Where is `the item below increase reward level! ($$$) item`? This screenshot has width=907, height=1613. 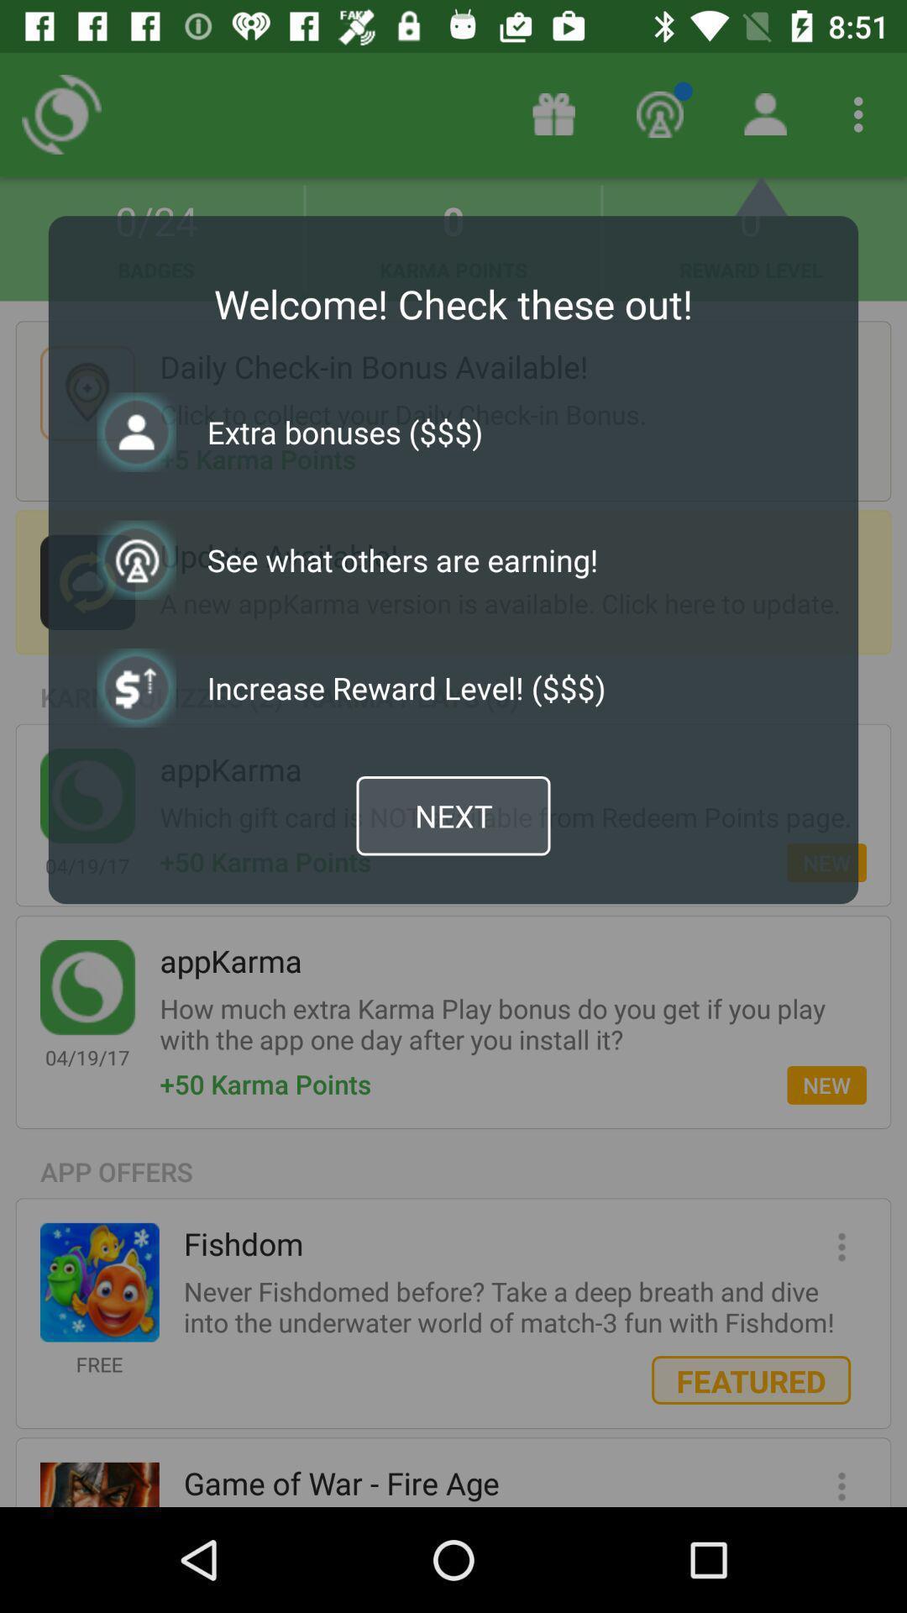
the item below increase reward level! ($$$) item is located at coordinates (453, 816).